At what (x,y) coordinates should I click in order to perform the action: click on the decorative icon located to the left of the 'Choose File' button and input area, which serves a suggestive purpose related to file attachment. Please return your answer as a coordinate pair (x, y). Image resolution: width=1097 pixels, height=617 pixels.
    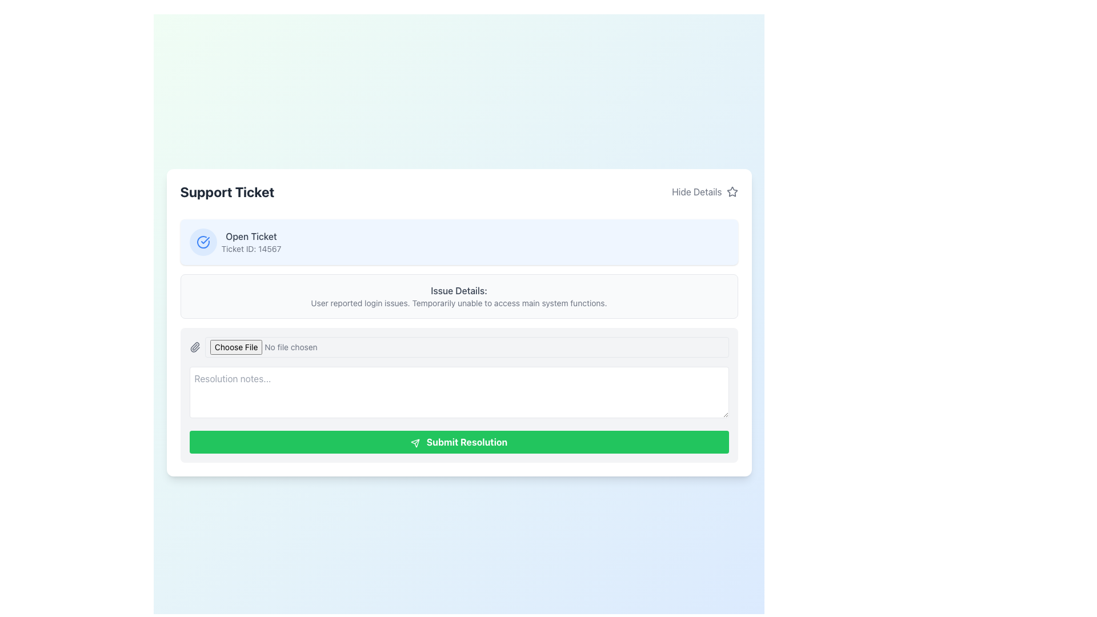
    Looking at the image, I should click on (195, 347).